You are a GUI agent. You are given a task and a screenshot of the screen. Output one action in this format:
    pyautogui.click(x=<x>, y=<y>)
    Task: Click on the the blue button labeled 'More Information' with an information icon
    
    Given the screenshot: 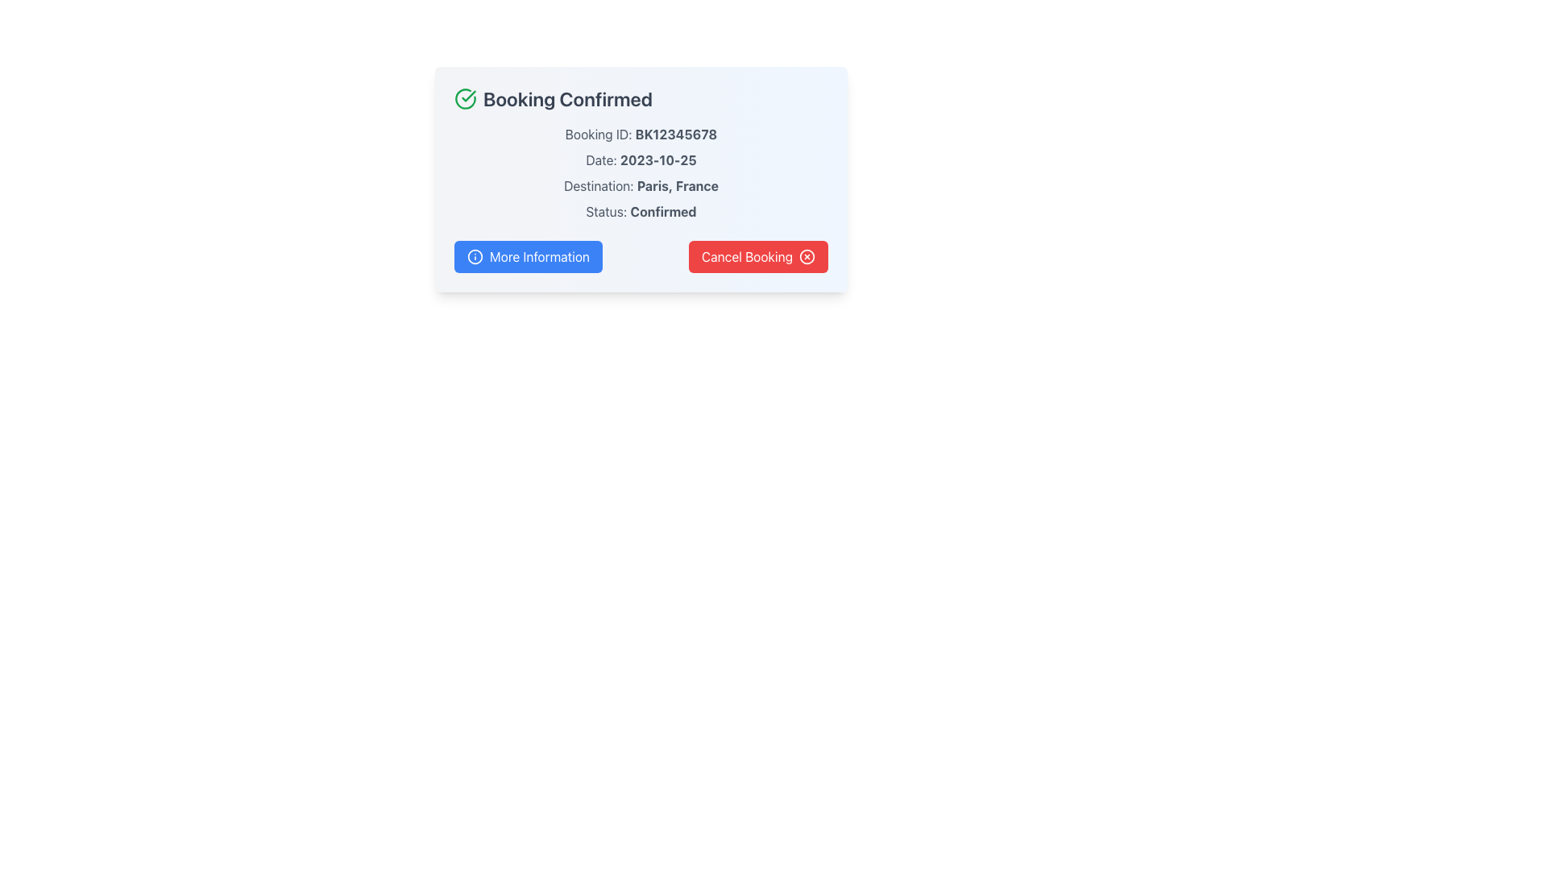 What is the action you would take?
    pyautogui.click(x=529, y=256)
    